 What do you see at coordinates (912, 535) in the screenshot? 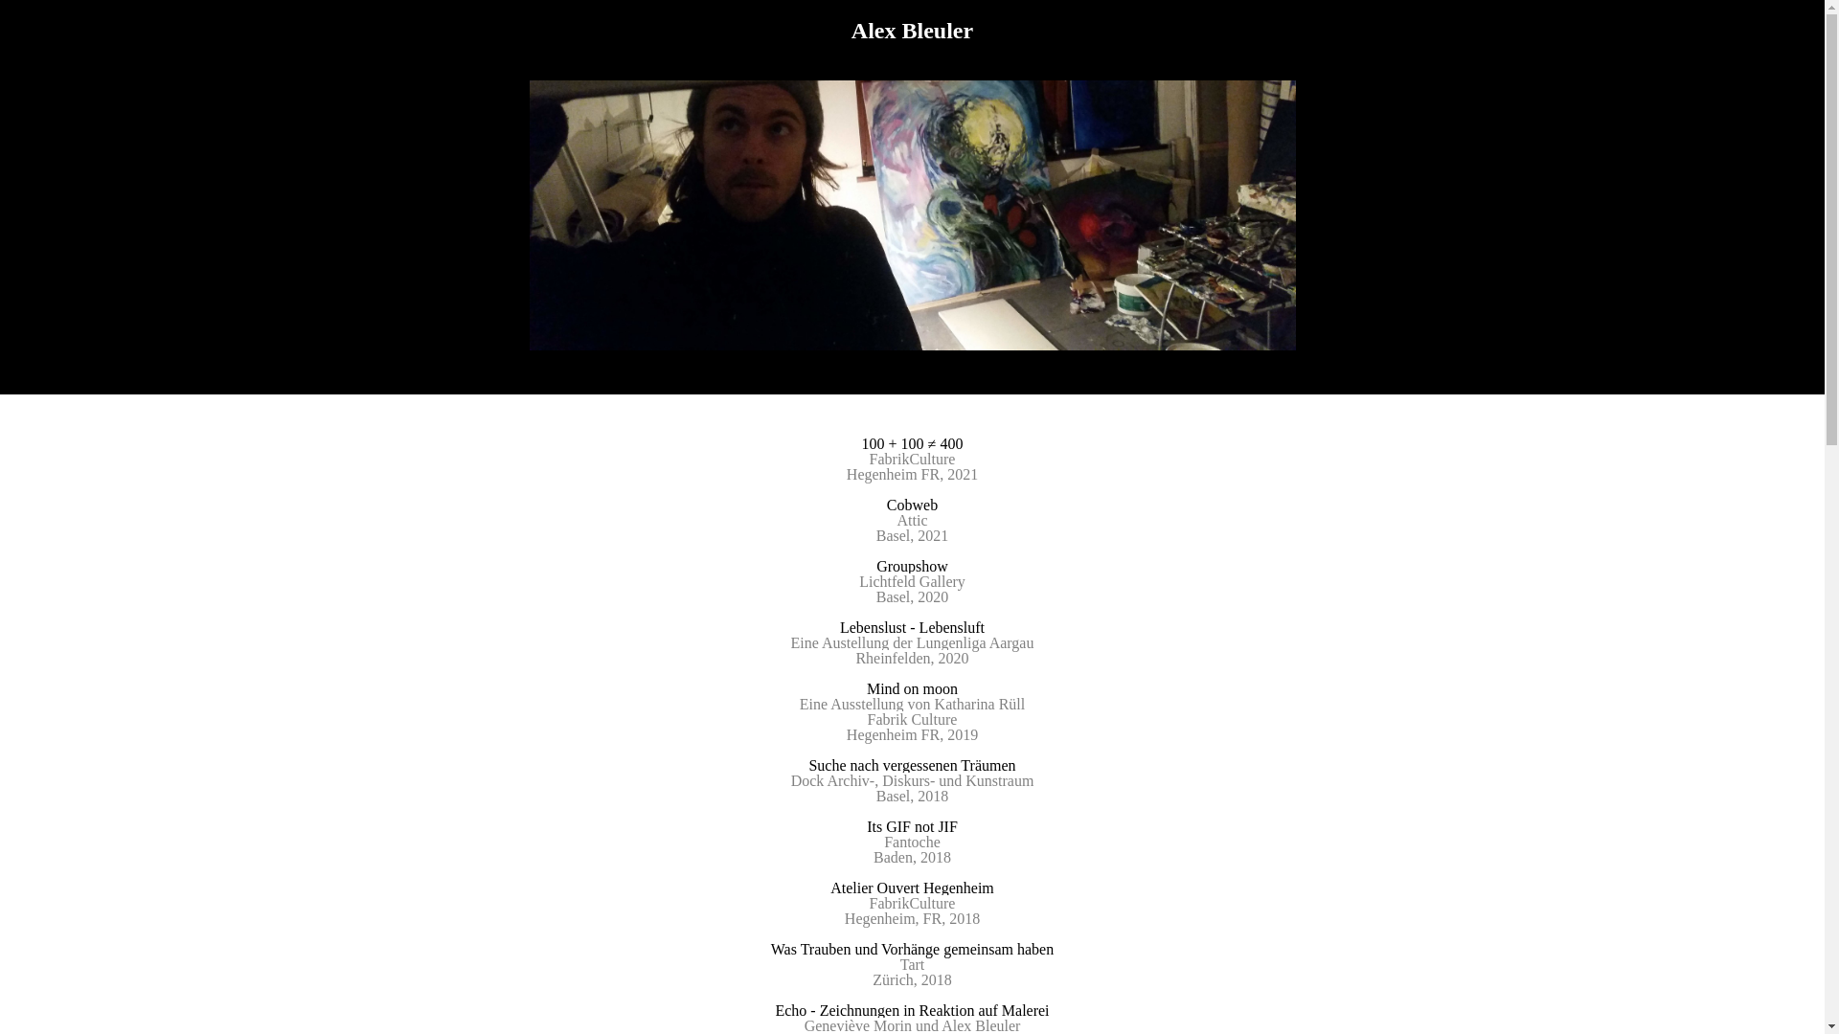
I see `'Basel, 2021'` at bounding box center [912, 535].